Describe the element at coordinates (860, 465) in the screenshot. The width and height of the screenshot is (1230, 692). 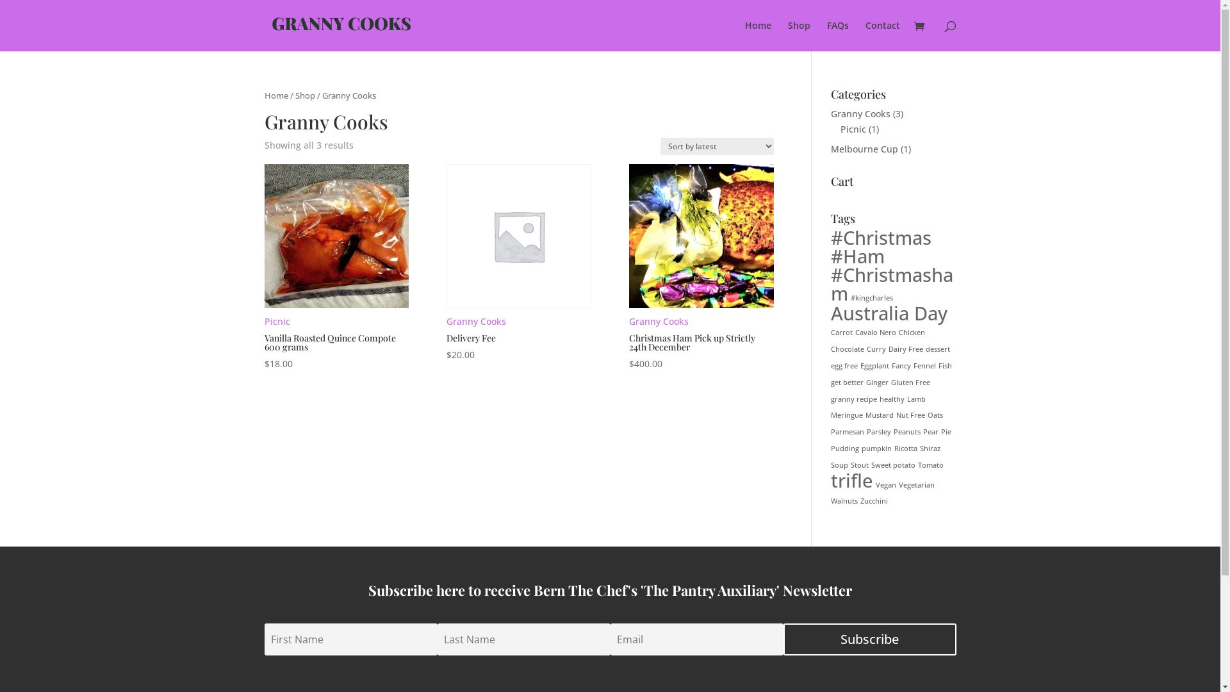
I see `'Stout'` at that location.